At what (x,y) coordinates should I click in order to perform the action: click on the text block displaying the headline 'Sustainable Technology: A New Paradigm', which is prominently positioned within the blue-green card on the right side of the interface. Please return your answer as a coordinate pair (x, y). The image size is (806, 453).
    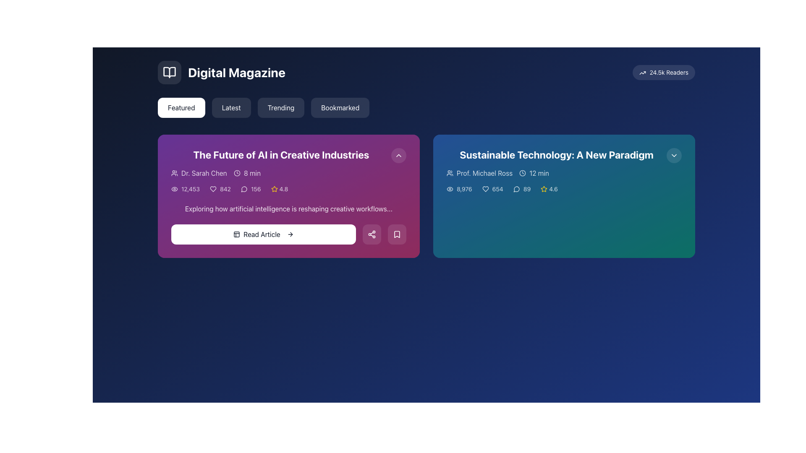
    Looking at the image, I should click on (556, 155).